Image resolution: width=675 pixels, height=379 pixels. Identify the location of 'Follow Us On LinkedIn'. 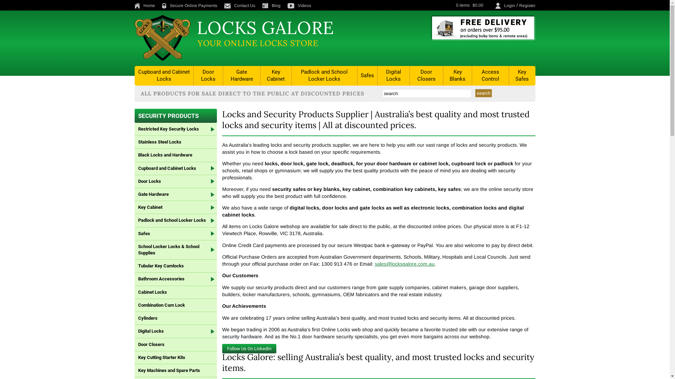
(249, 348).